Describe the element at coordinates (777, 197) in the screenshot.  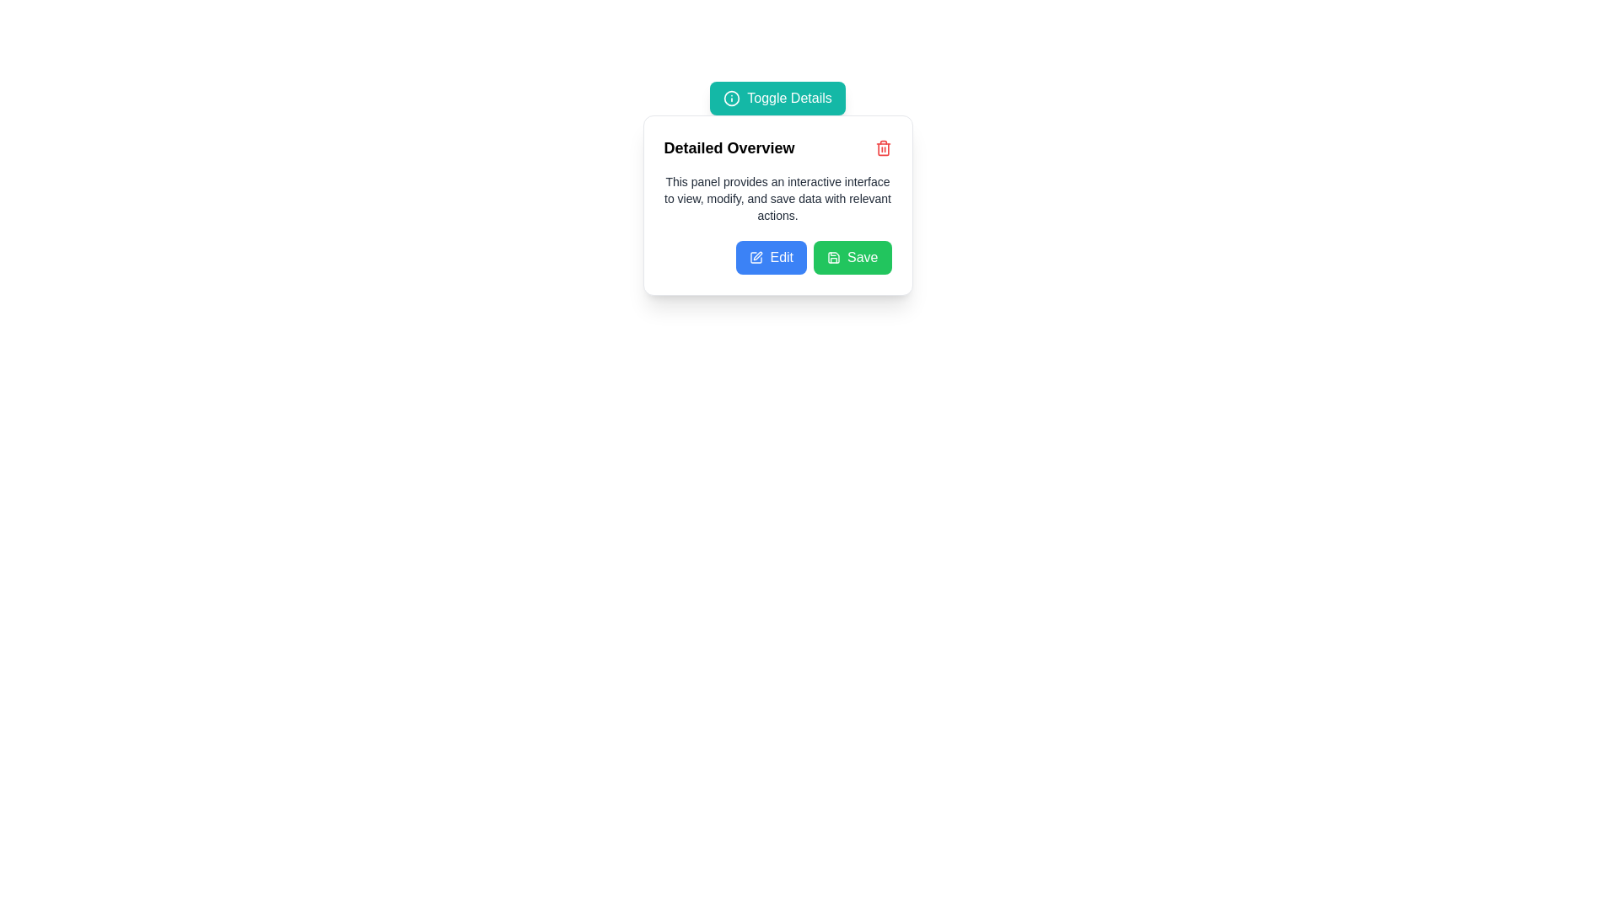
I see `the Informational Text Block located beneath the header 'Detailed Overview' and above the action buttons 'Edit' and 'Save'` at that location.